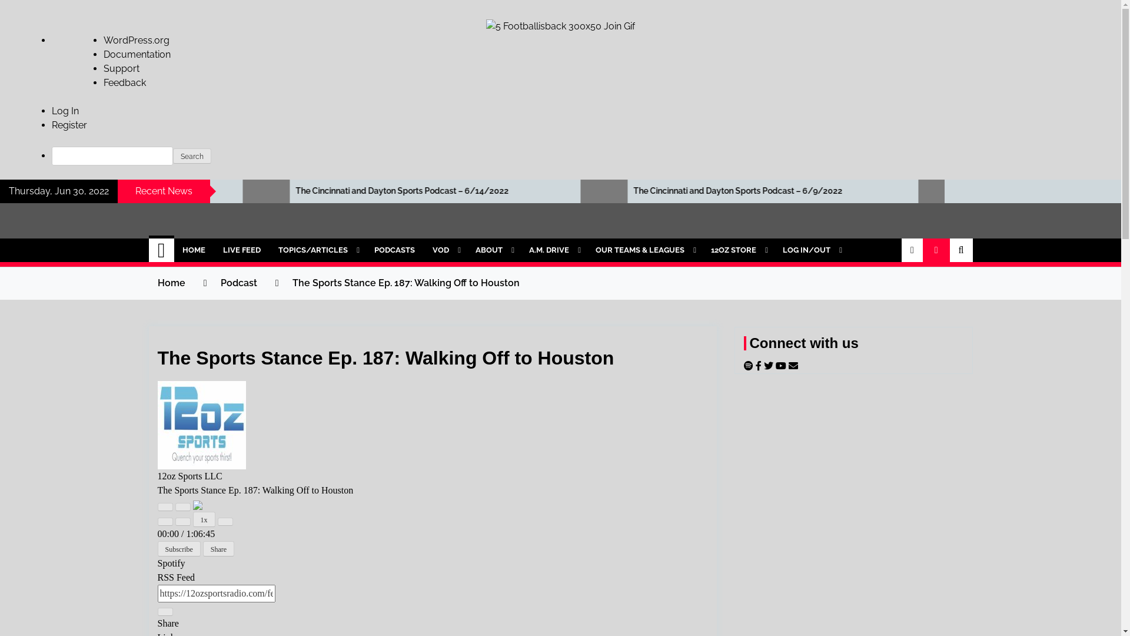 Image resolution: width=1130 pixels, height=636 pixels. I want to click on 'ABOUT', so click(466, 249).